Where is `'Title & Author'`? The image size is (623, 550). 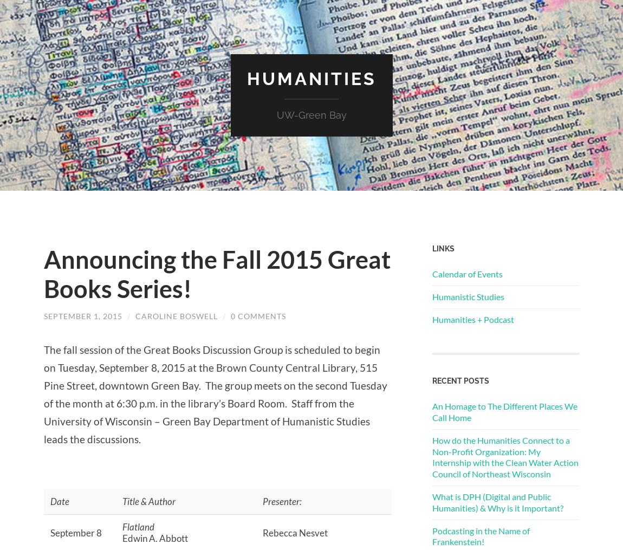
'Title & Author' is located at coordinates (148, 500).